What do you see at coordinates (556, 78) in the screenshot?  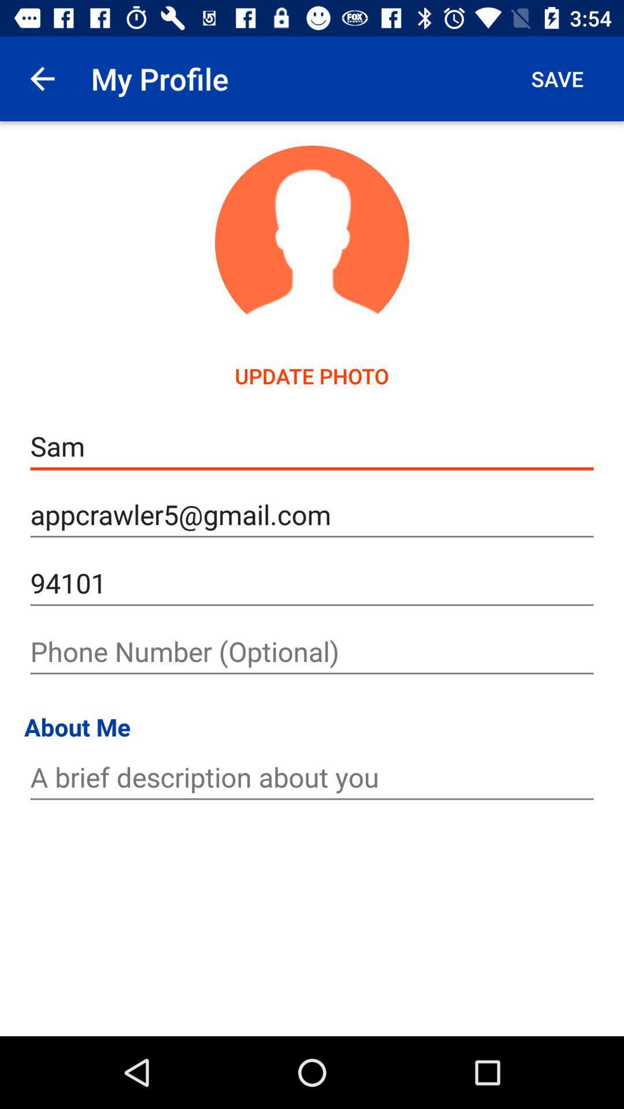 I see `icon above the sam icon` at bounding box center [556, 78].